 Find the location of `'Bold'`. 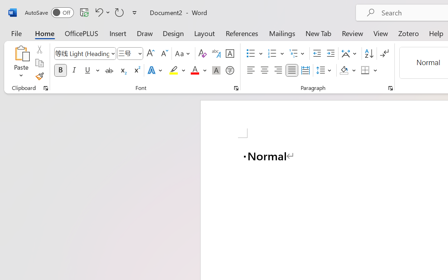

'Bold' is located at coordinates (60, 70).